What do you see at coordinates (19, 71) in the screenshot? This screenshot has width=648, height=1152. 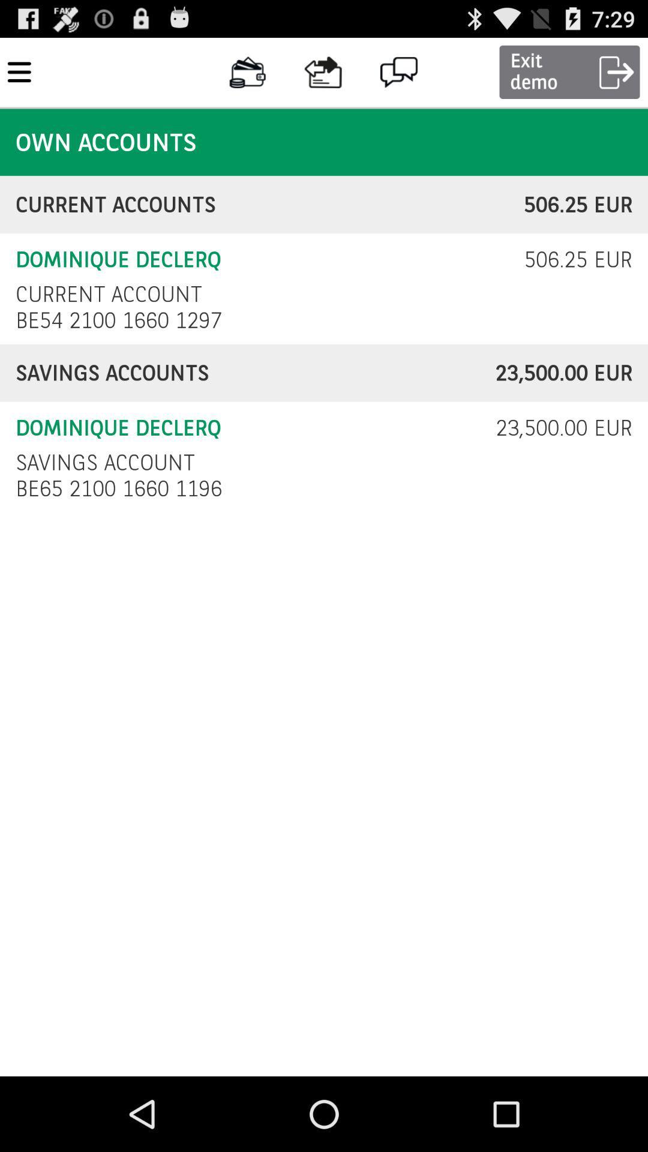 I see `the menu icon shown at the top left corner` at bounding box center [19, 71].